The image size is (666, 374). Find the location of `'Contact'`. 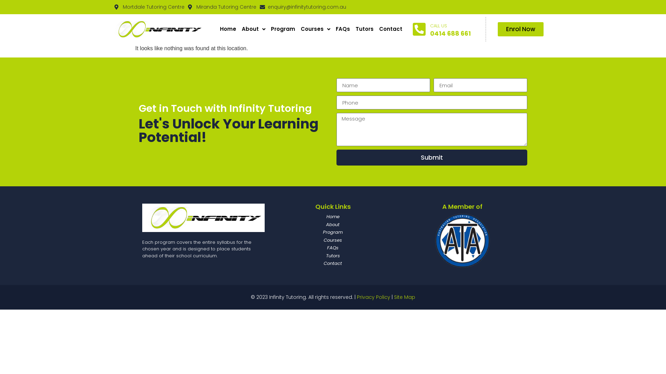

'Contact' is located at coordinates (332, 263).